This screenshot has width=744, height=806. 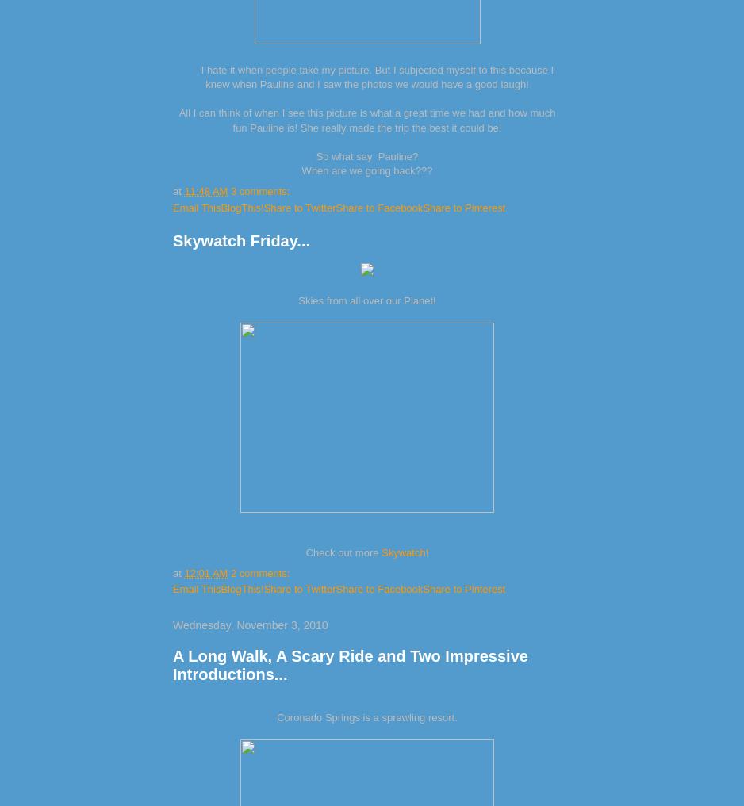 What do you see at coordinates (404, 551) in the screenshot?
I see `'Skywatch!'` at bounding box center [404, 551].